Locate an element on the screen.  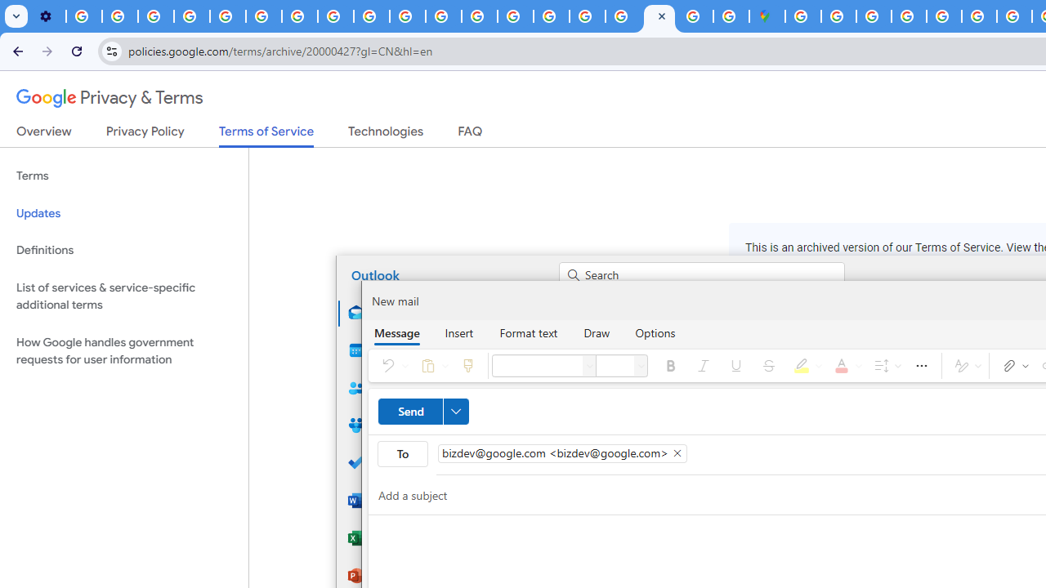
'Font size' is located at coordinates (614, 365).